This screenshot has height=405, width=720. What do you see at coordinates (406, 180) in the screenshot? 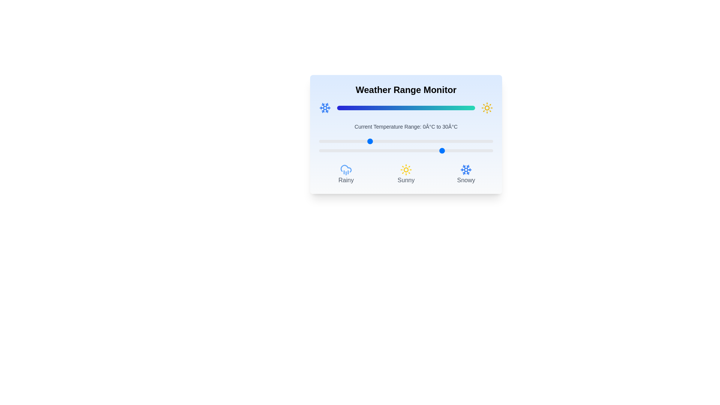
I see `text of the 'Sunny' label, which describes the current weather condition and is centrally aligned below the sun icon` at bounding box center [406, 180].